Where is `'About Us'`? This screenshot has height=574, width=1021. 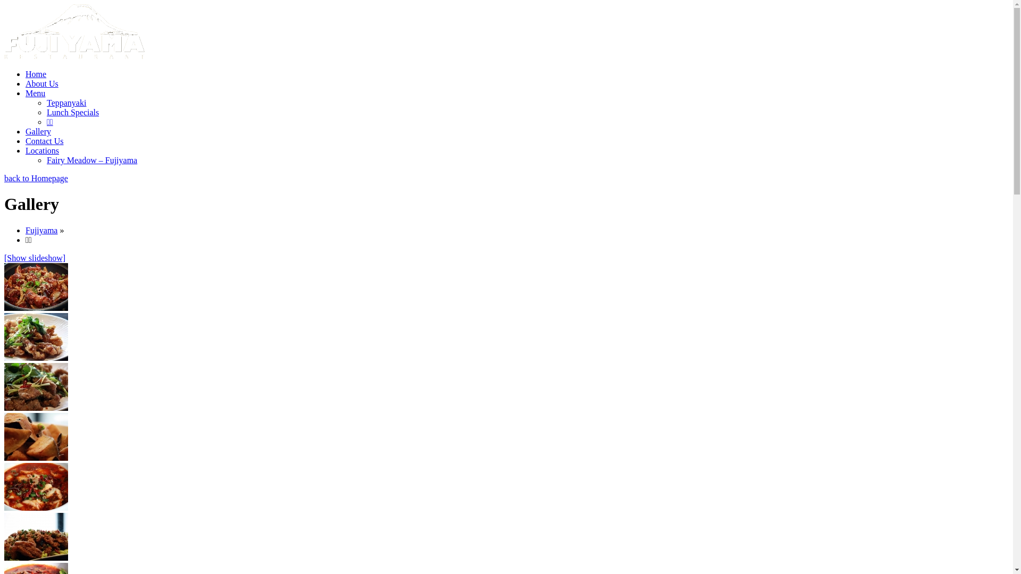
'About Us' is located at coordinates (41, 83).